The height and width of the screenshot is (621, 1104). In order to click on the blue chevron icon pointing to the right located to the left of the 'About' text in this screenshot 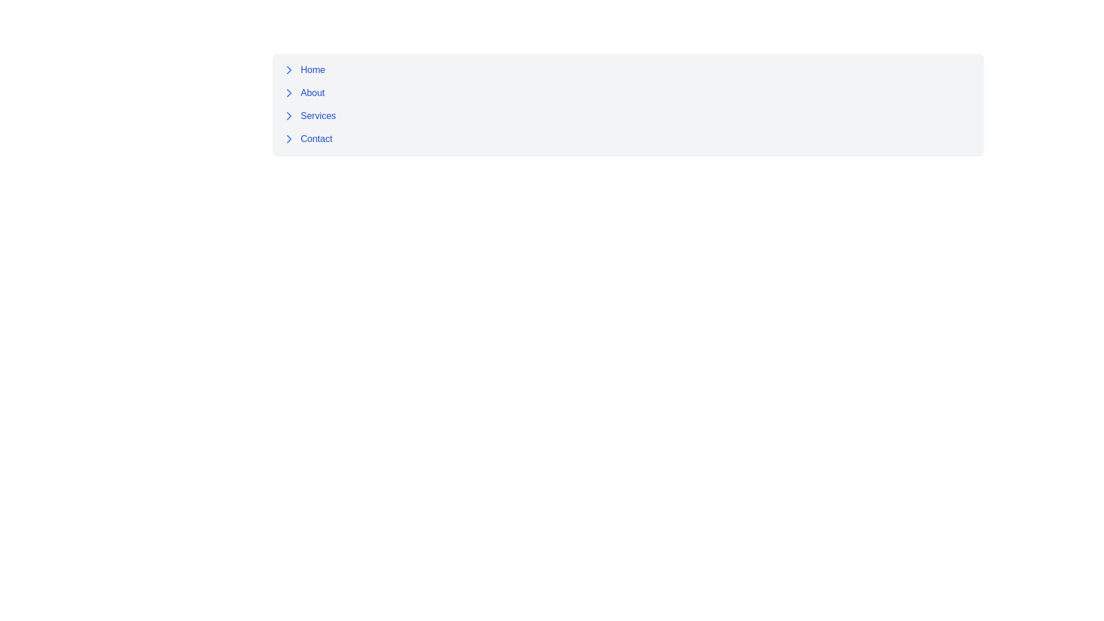, I will do `click(289, 93)`.